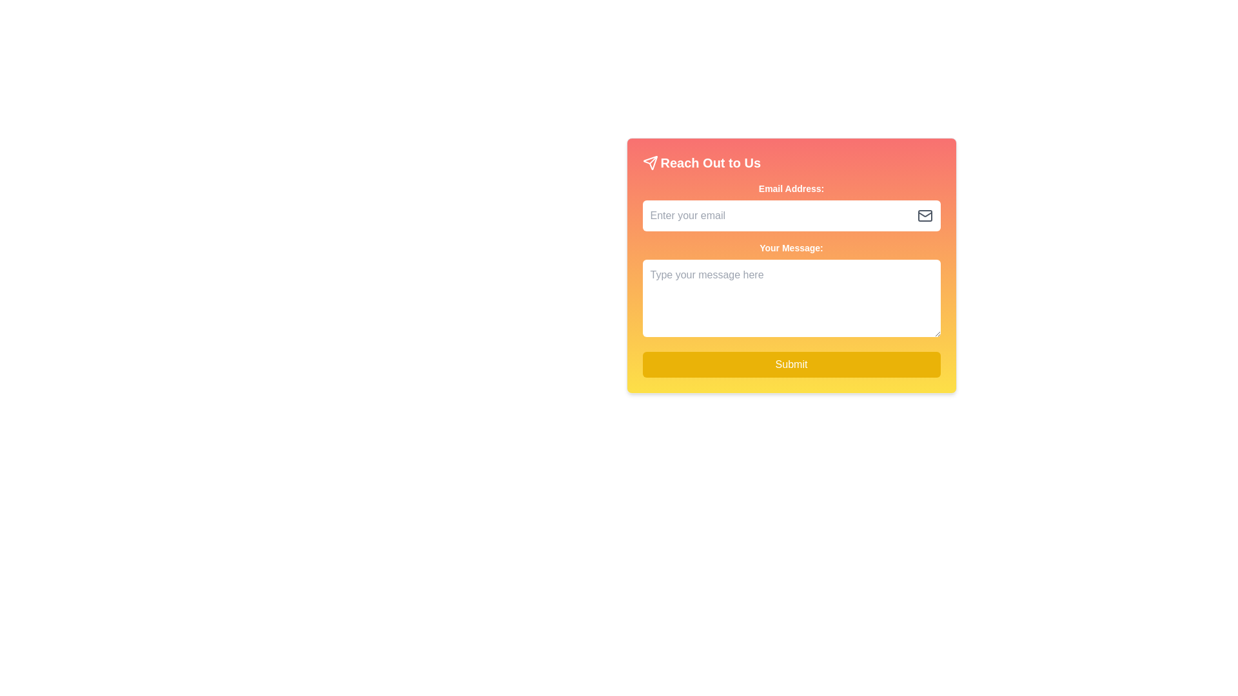 This screenshot has height=696, width=1238. I want to click on the label text reading 'Email Address:' which is styled in bold white text on a gradient orange background, positioned above the email input field, so click(791, 189).